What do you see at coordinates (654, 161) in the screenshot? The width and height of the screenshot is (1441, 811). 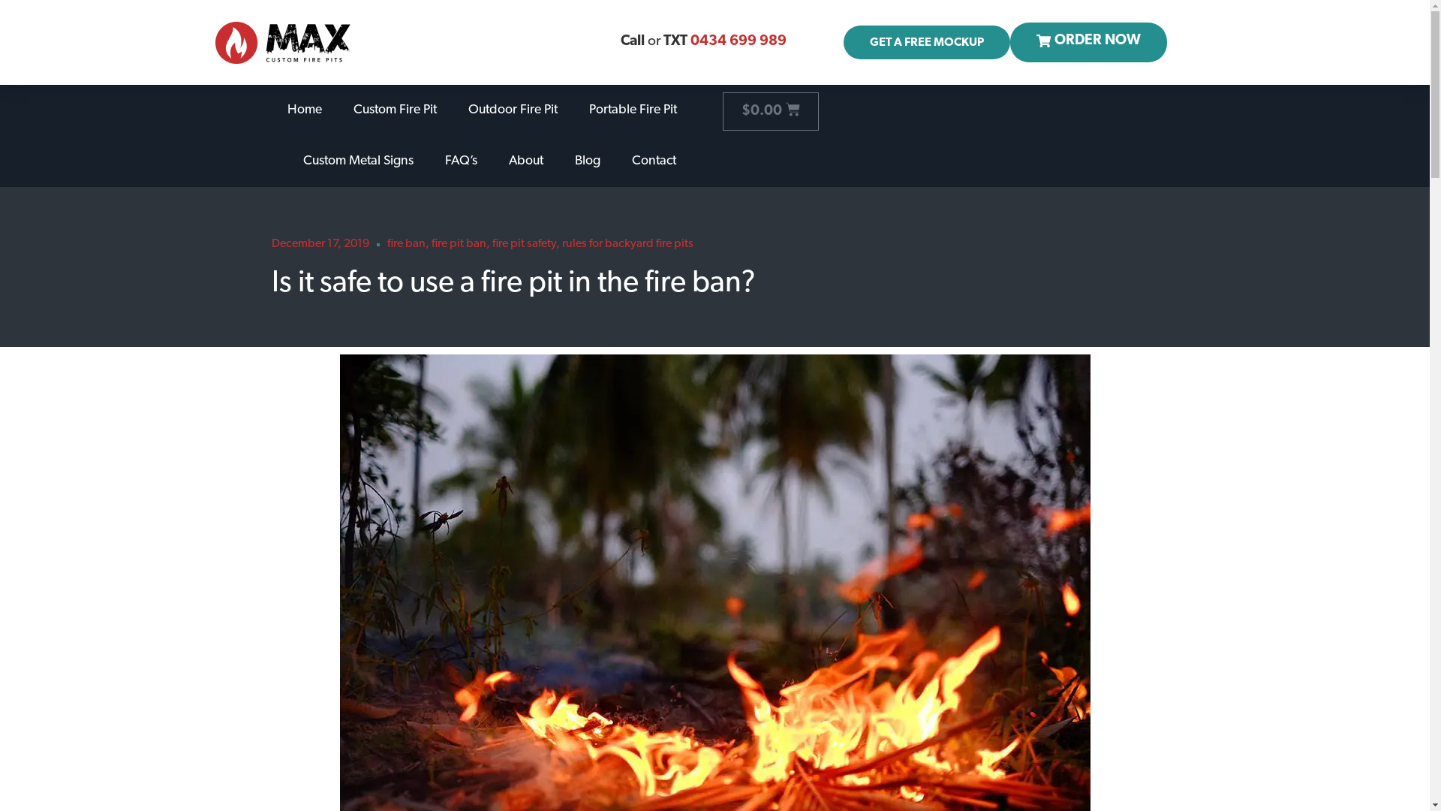 I see `'Contact'` at bounding box center [654, 161].